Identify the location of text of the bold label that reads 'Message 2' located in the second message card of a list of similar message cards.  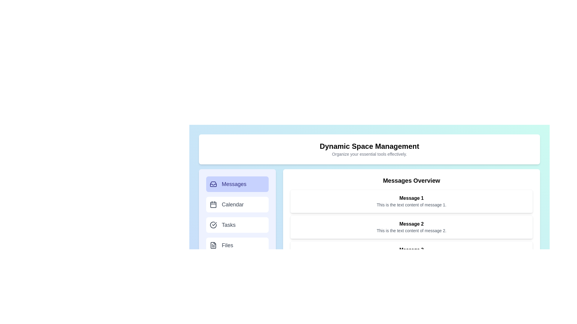
(411, 224).